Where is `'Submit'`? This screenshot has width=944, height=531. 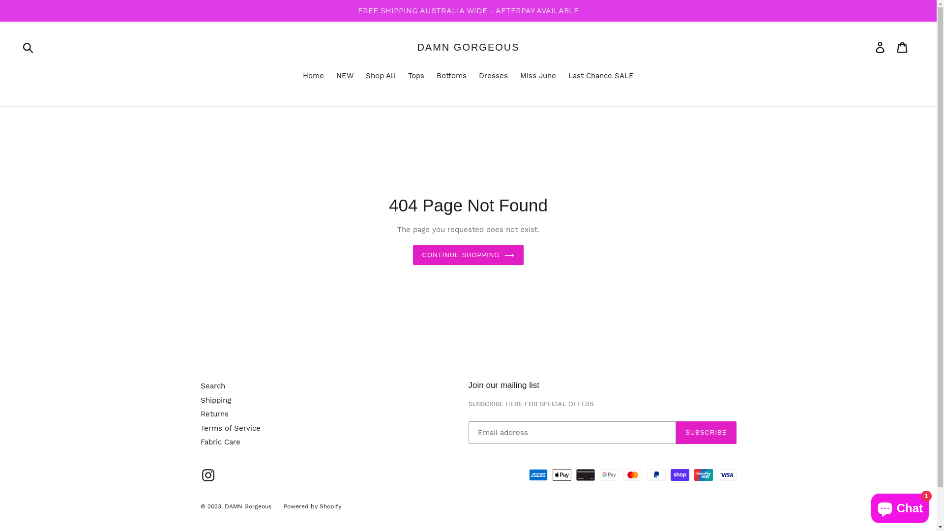 'Submit' is located at coordinates (29, 47).